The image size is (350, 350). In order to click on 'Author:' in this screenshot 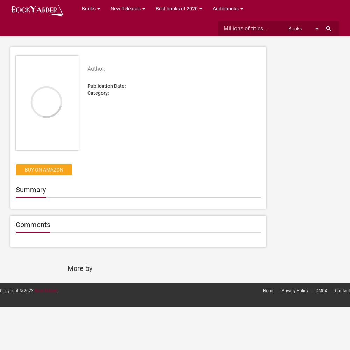, I will do `click(96, 68)`.